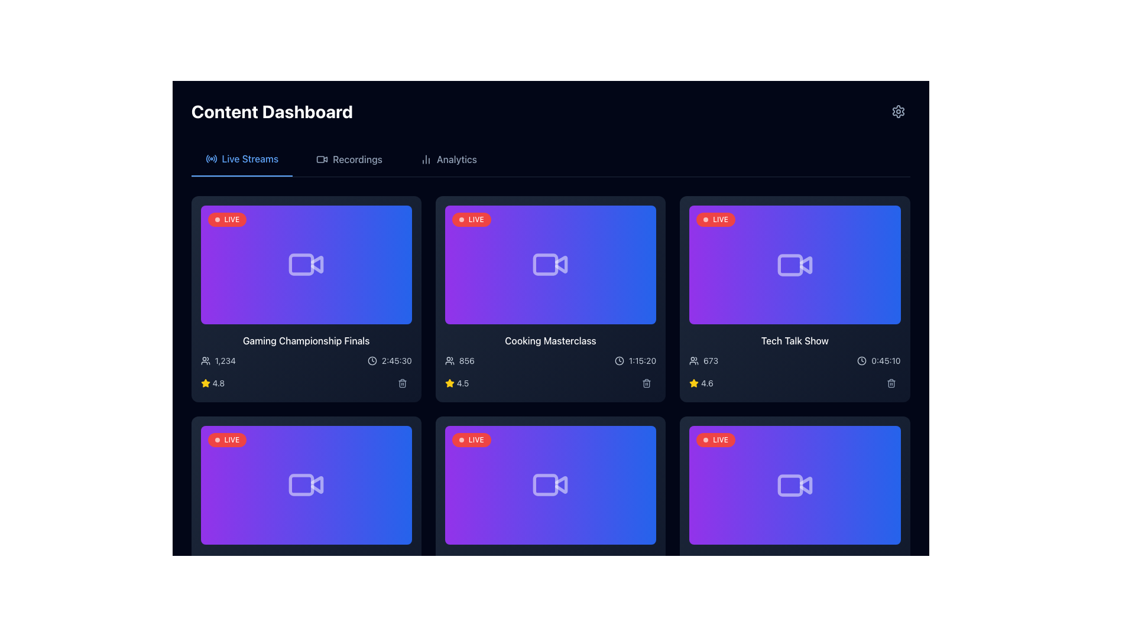  What do you see at coordinates (862, 360) in the screenshot?
I see `the clock icon located in the third column and first row of the grid layout, which visually represents a time duration next to the text '0:45:10'` at bounding box center [862, 360].